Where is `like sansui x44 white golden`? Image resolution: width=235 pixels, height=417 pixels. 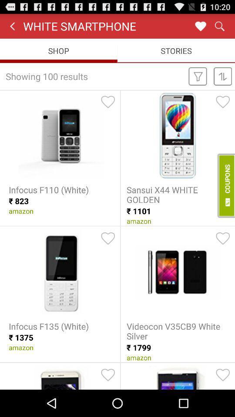 like sansui x44 white golden is located at coordinates (223, 102).